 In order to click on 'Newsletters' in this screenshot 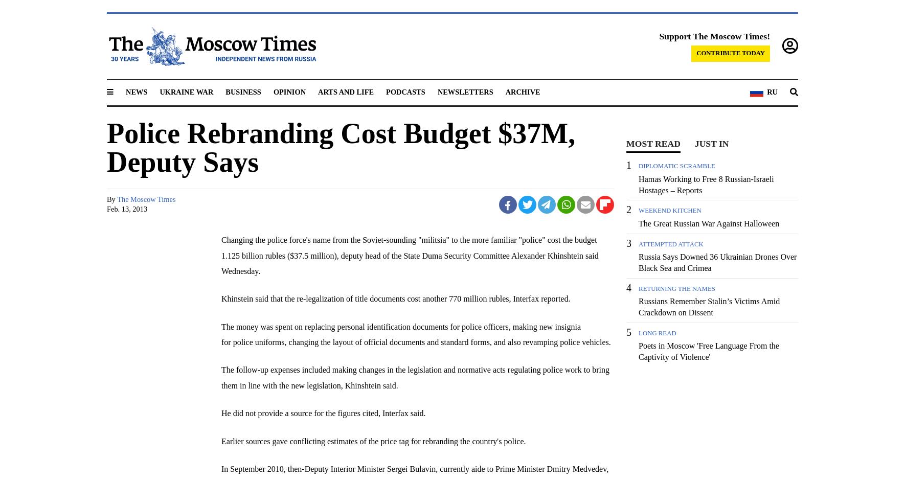, I will do `click(464, 92)`.